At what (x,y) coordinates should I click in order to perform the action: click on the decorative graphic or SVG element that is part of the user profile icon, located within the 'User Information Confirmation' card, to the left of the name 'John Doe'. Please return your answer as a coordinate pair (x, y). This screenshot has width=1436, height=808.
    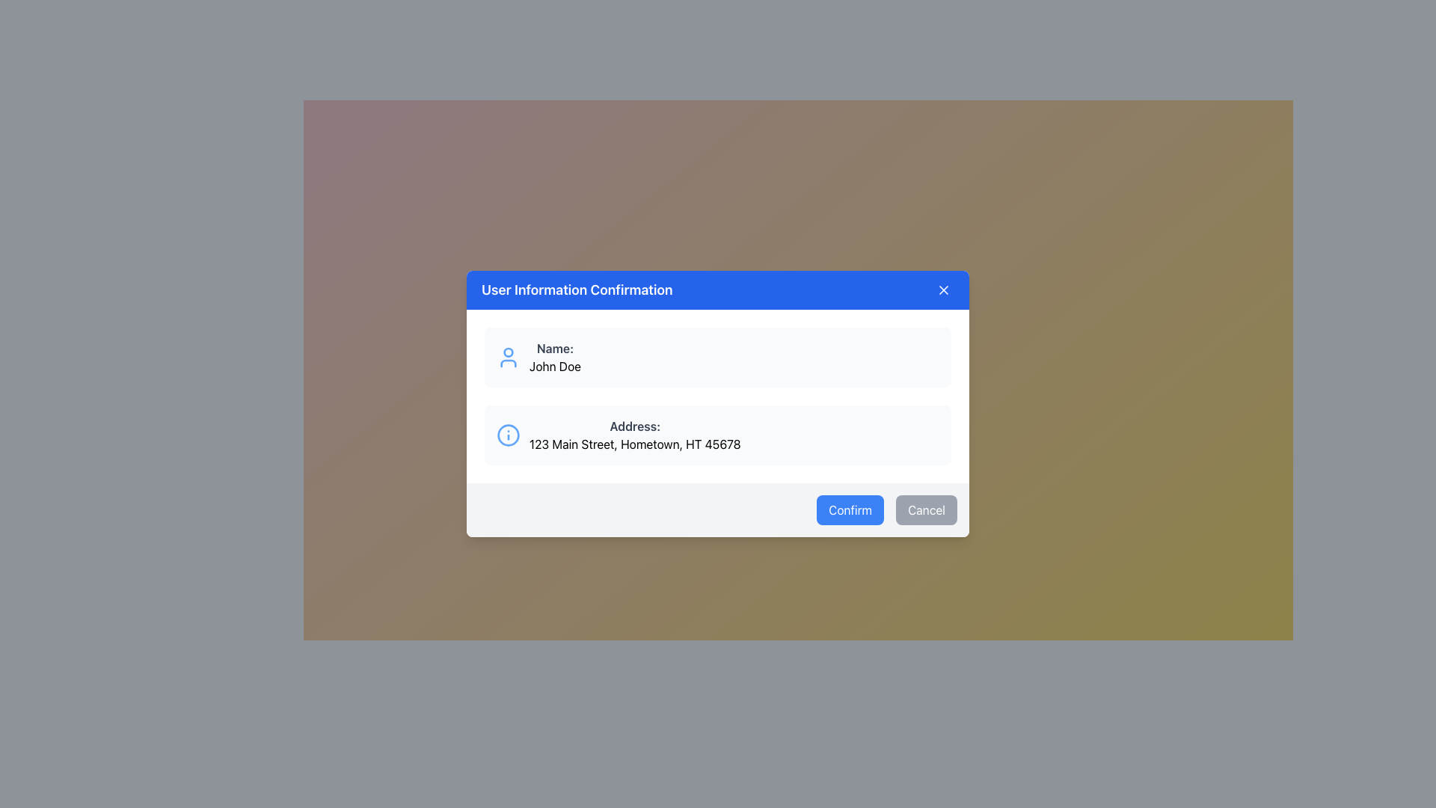
    Looking at the image, I should click on (509, 352).